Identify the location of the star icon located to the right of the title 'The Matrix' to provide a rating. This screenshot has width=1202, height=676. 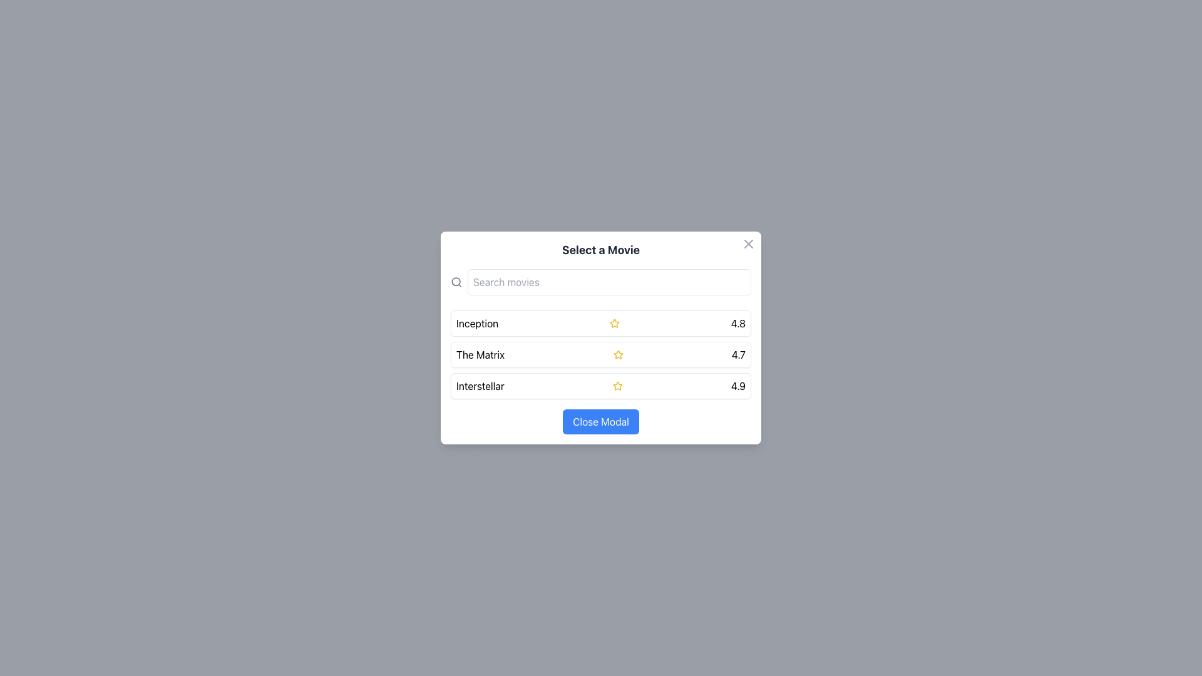
(618, 355).